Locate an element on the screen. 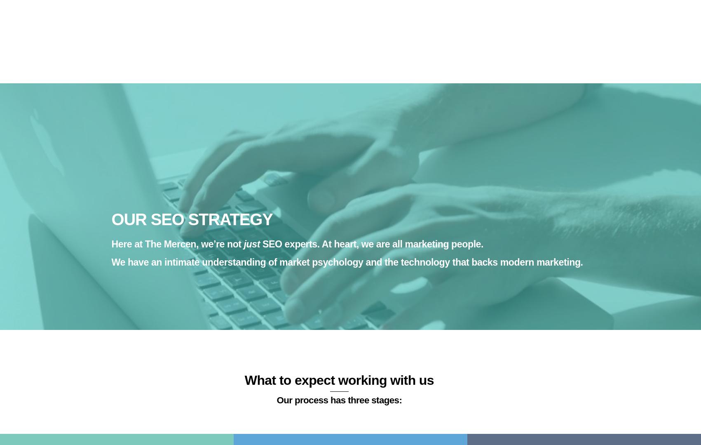  'Link Building Development Campaign' is located at coordinates (176, 174).